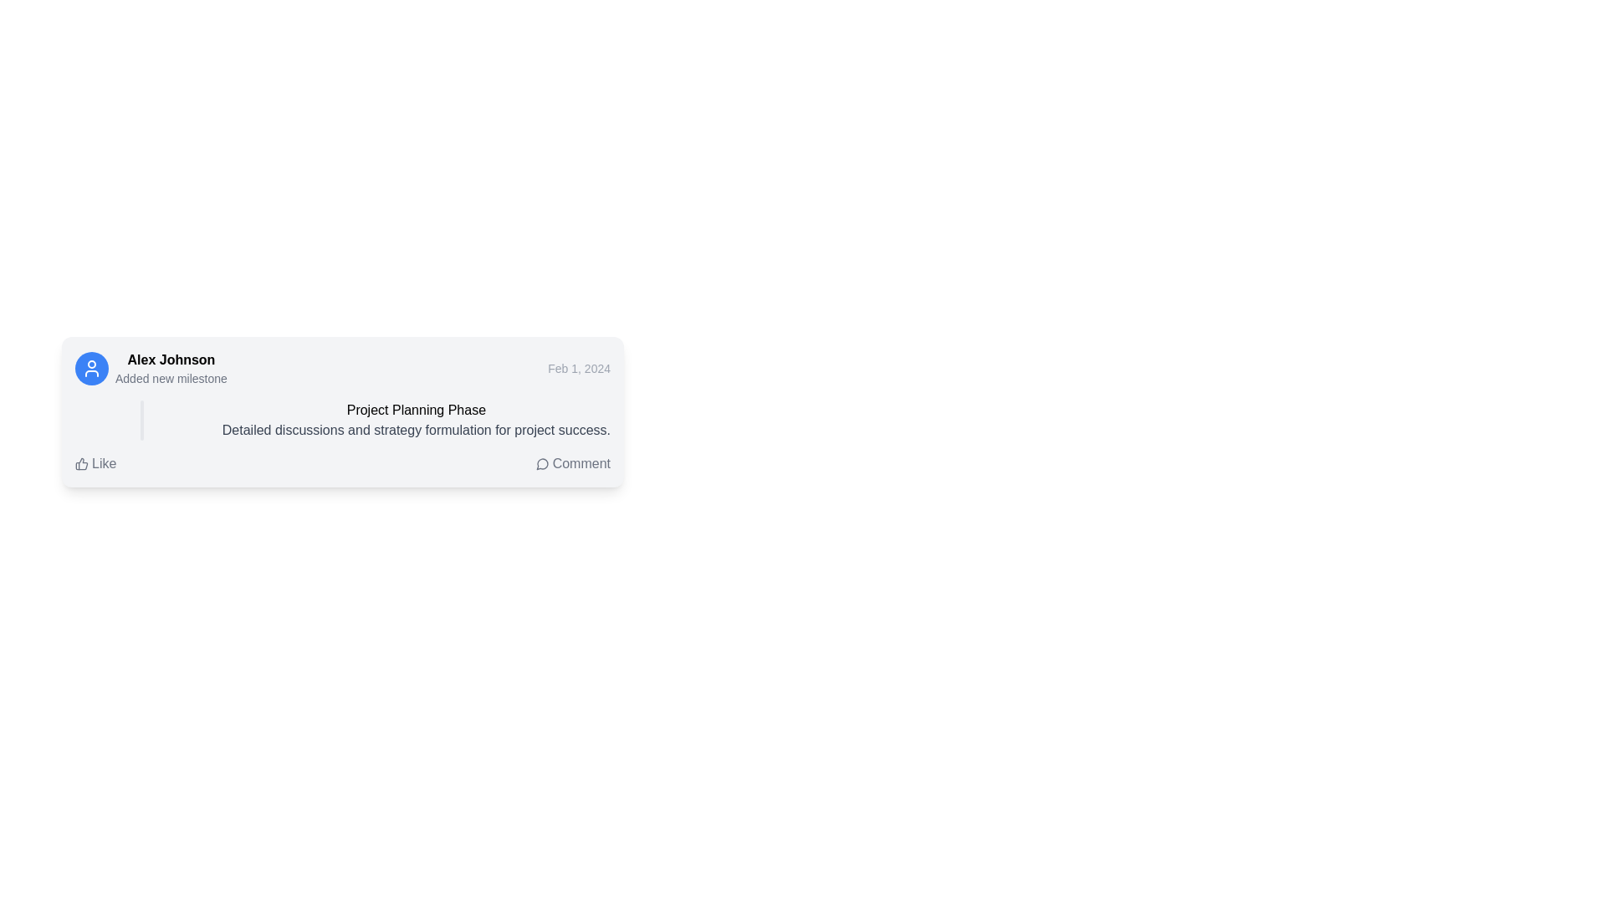 This screenshot has width=1606, height=903. I want to click on the user icon located in the center of the blue circular background, so click(91, 367).